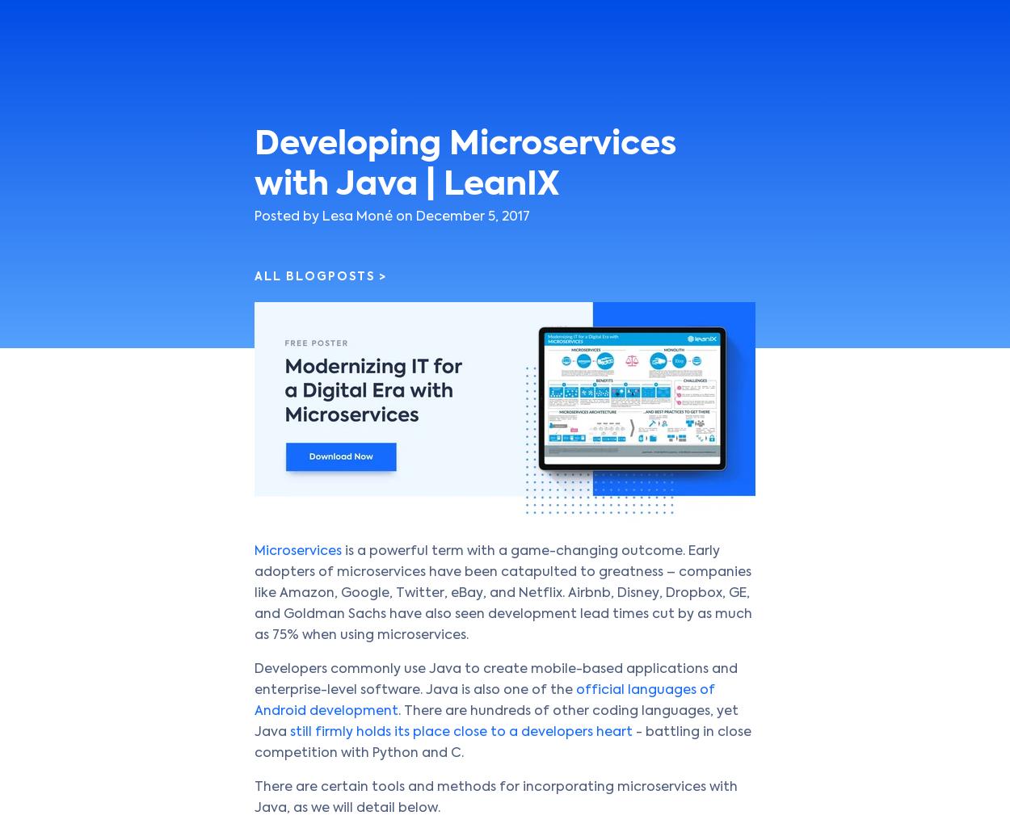  Describe the element at coordinates (298, 784) in the screenshot. I see `'Atlassian Confluence Vulnerability: Should You Worry?'` at that location.